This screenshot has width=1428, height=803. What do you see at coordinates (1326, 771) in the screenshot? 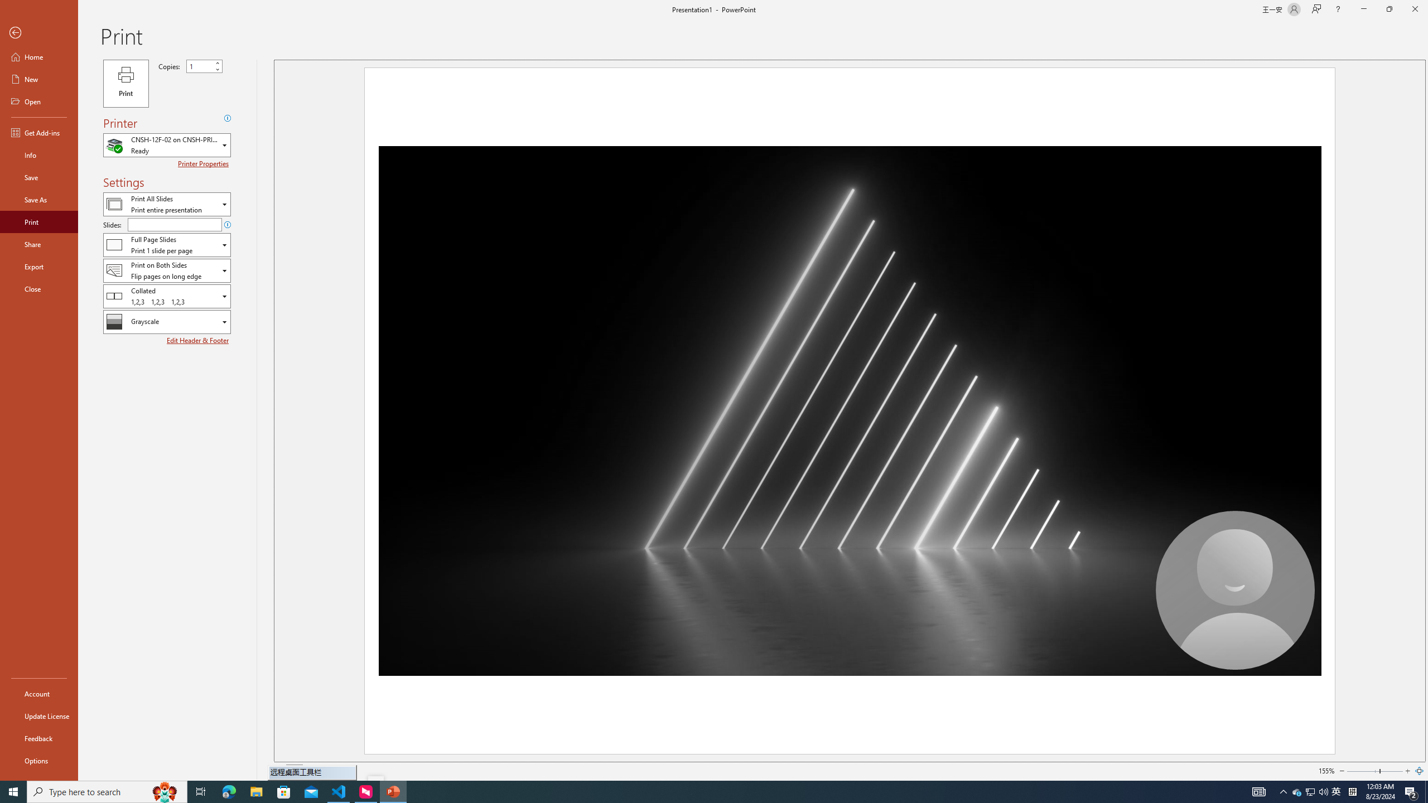
I see `'155%'` at bounding box center [1326, 771].